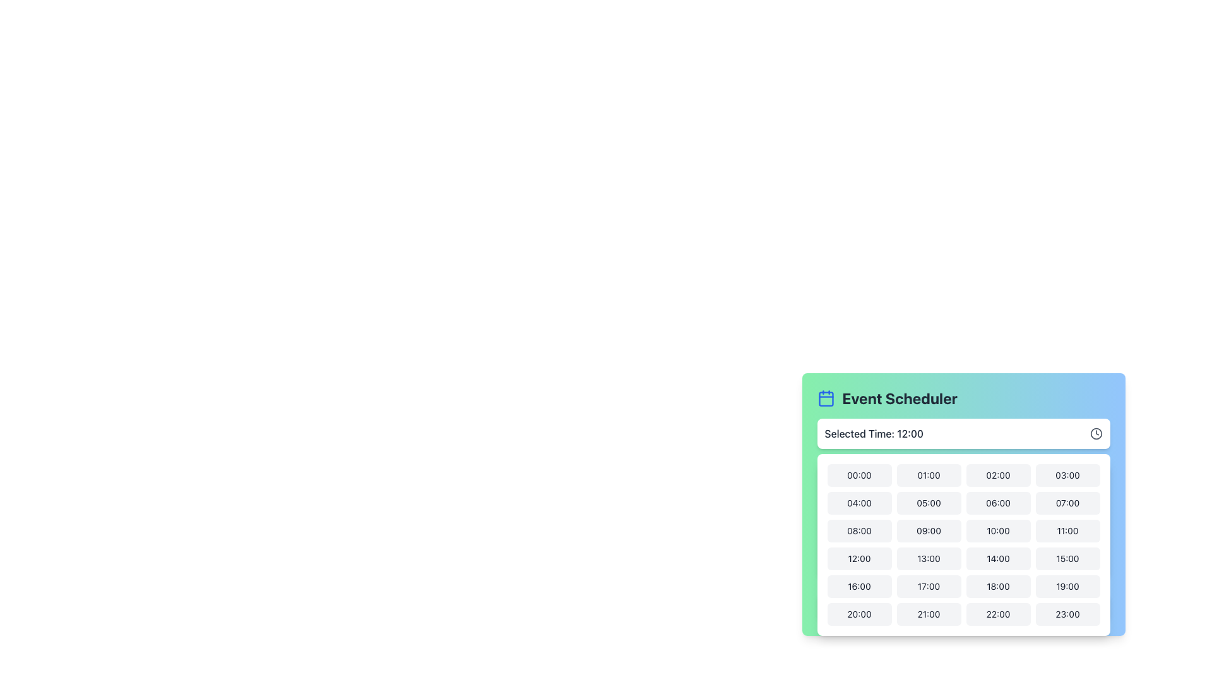  I want to click on the button that allows users, so click(1067, 613).